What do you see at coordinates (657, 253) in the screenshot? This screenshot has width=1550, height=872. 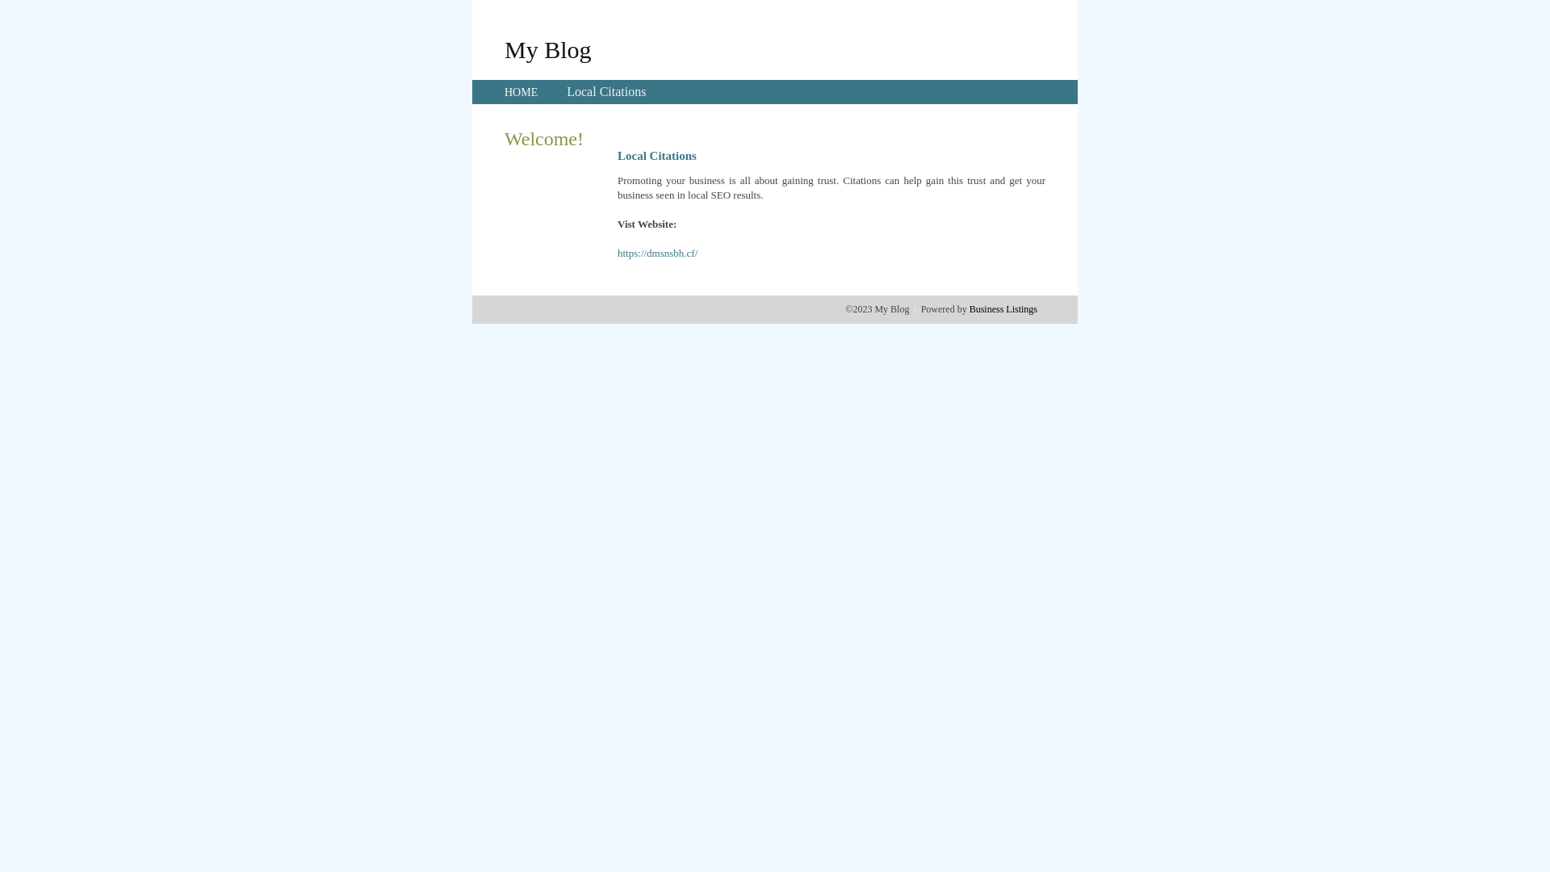 I see `'https://dmsnsbh.cf/'` at bounding box center [657, 253].